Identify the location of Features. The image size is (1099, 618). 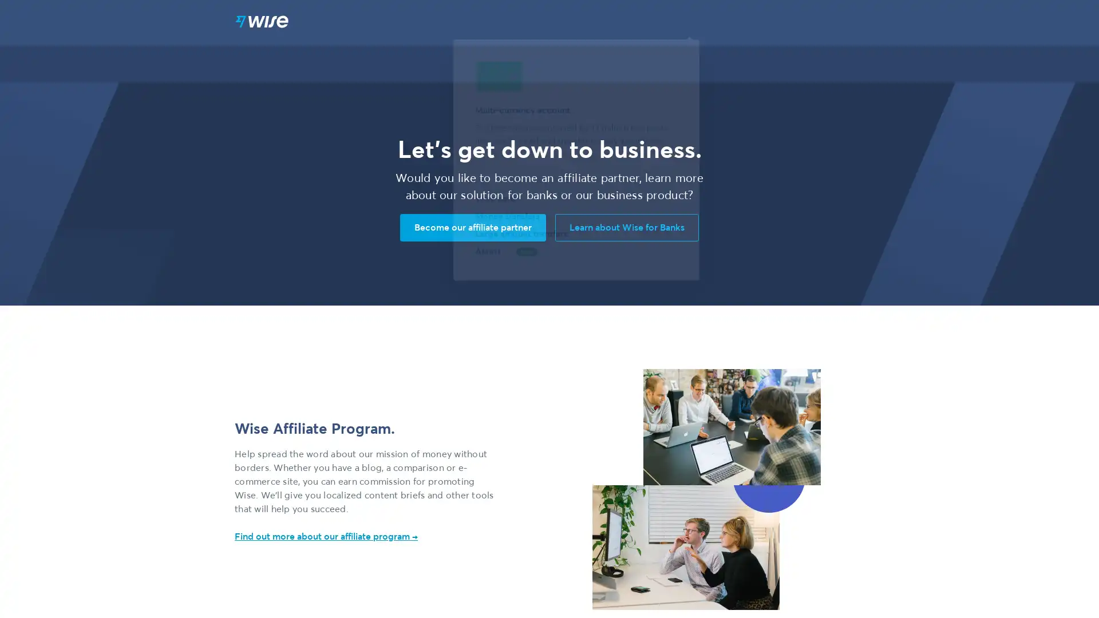
(678, 22).